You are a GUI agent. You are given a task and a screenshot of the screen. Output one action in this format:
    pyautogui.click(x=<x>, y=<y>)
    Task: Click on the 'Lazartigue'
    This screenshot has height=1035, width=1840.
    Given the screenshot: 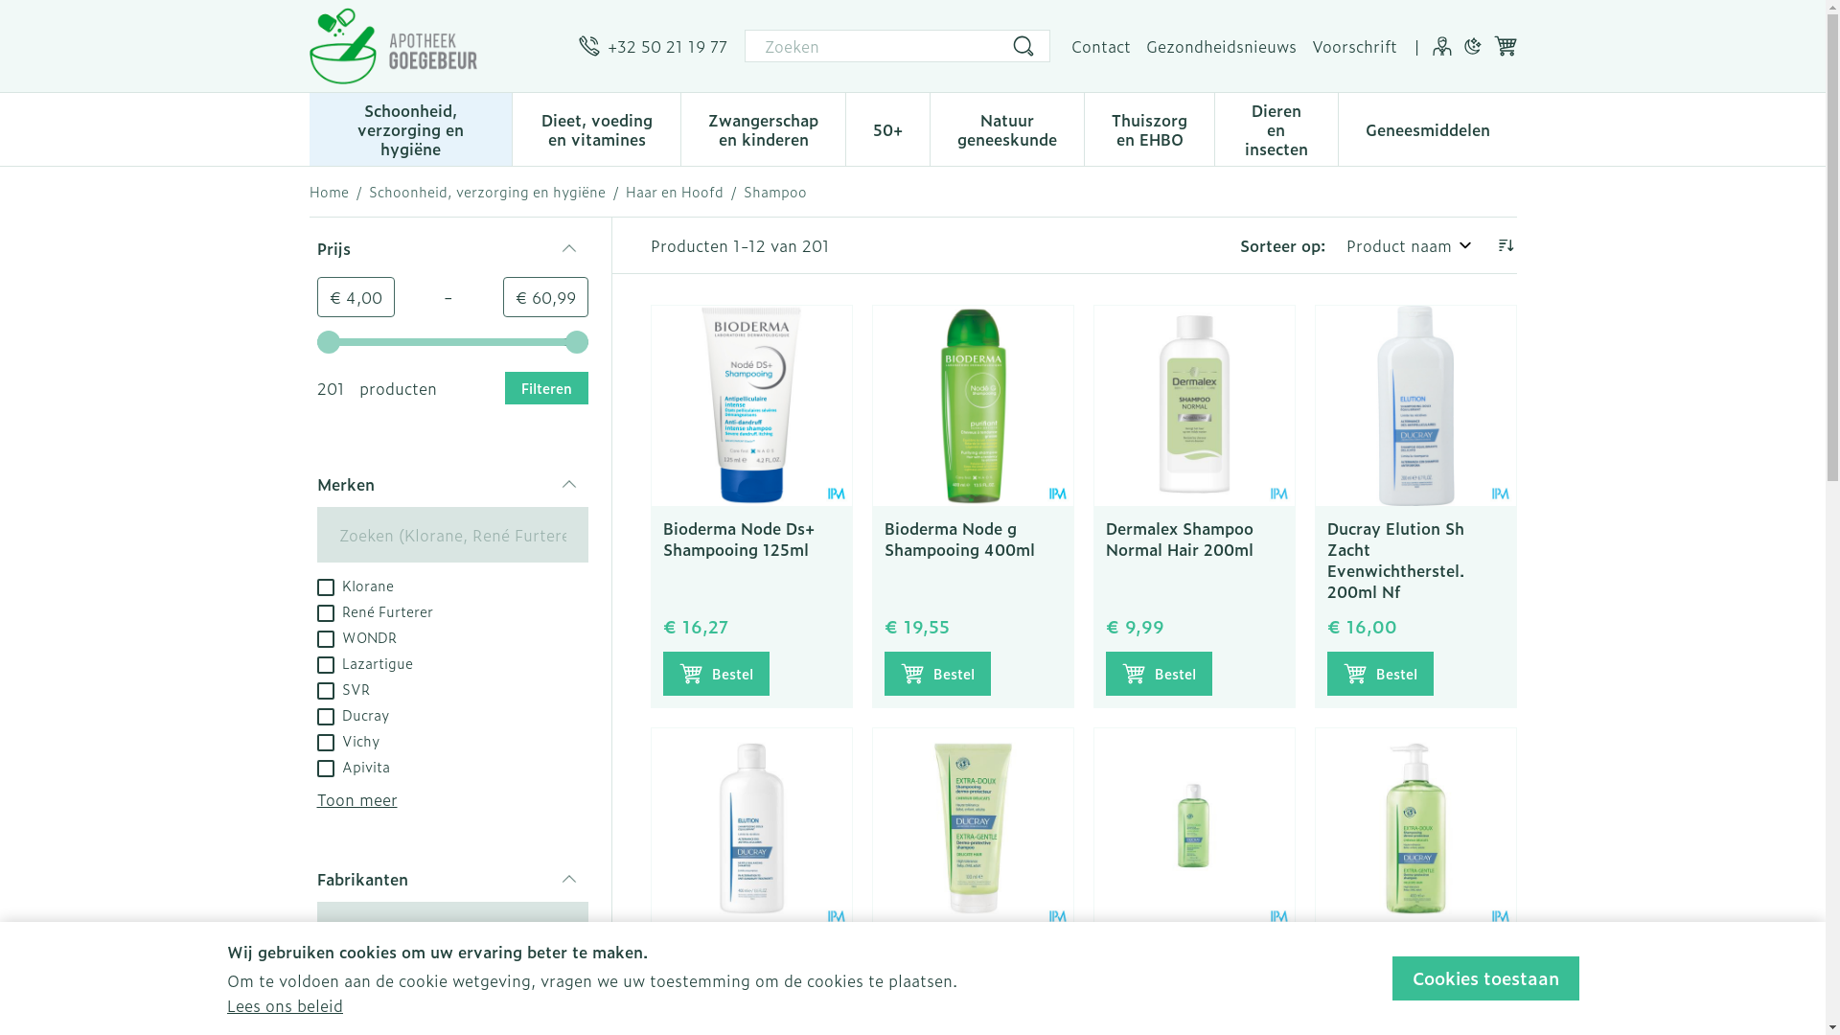 What is the action you would take?
    pyautogui.click(x=363, y=660)
    